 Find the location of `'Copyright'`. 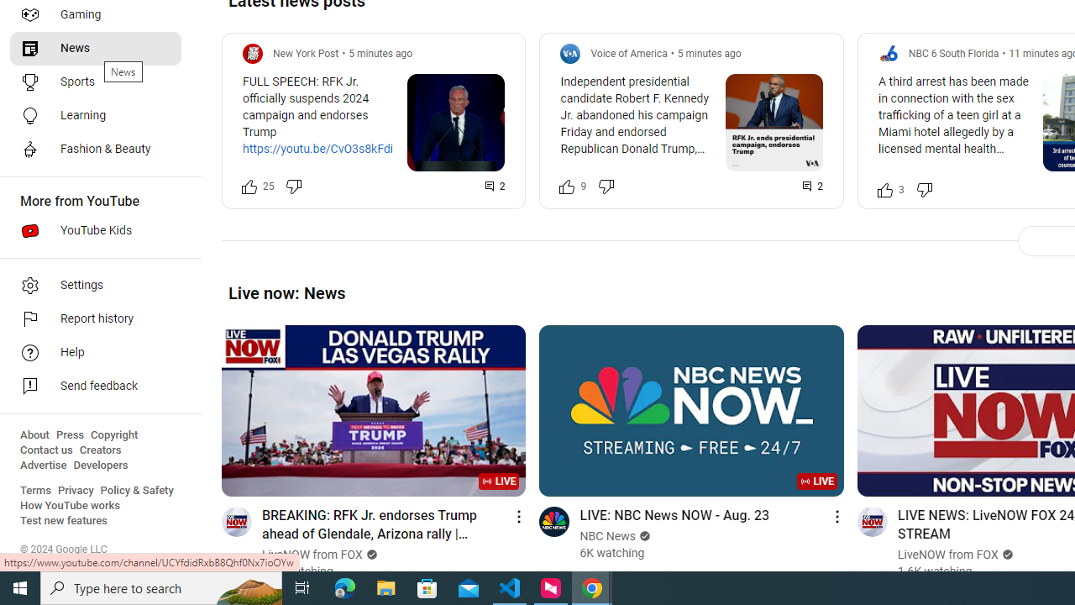

'Copyright' is located at coordinates (113, 434).